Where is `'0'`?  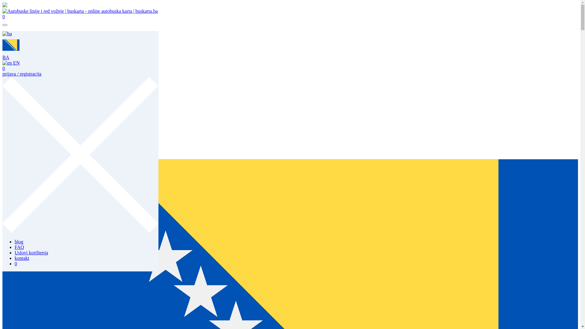
'0' is located at coordinates (2, 68).